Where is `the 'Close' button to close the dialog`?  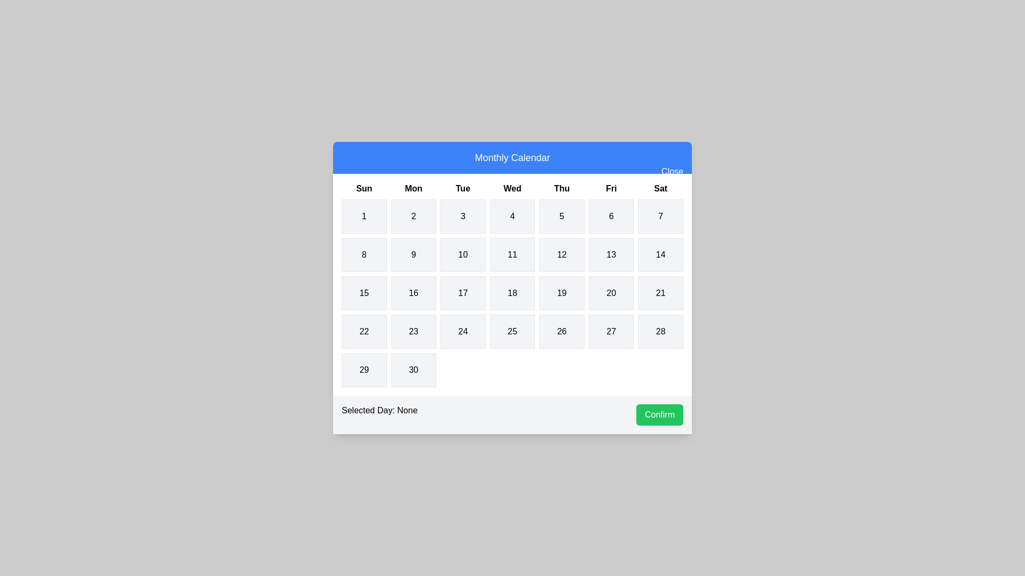 the 'Close' button to close the dialog is located at coordinates (671, 171).